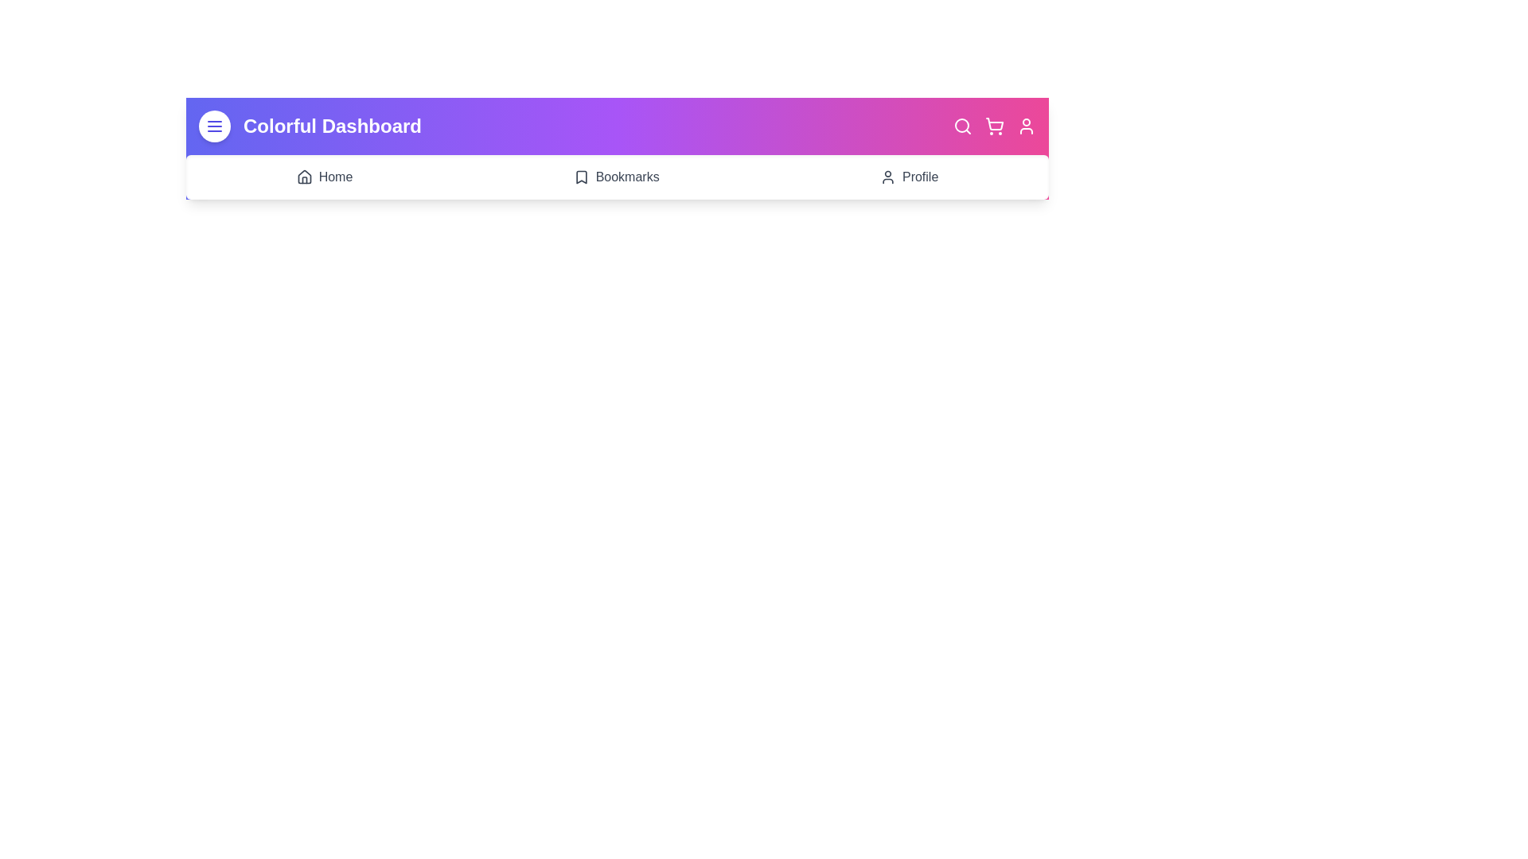  What do you see at coordinates (993, 125) in the screenshot?
I see `the interactive element Shopping Cart Icon to observe visual feedback` at bounding box center [993, 125].